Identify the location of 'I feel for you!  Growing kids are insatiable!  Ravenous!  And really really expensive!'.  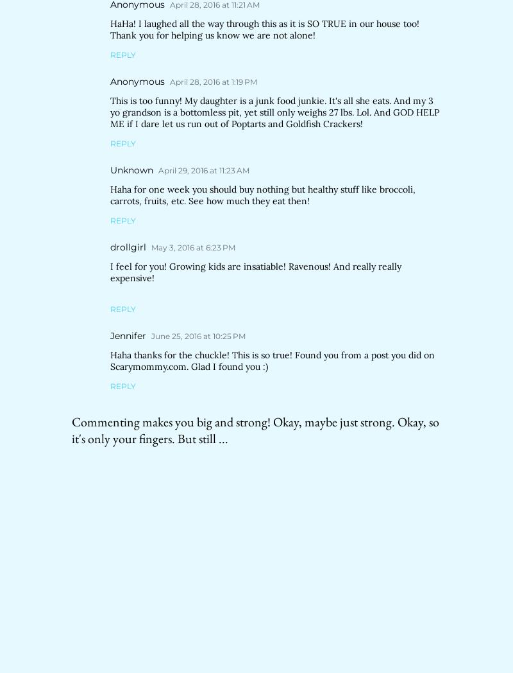
(110, 272).